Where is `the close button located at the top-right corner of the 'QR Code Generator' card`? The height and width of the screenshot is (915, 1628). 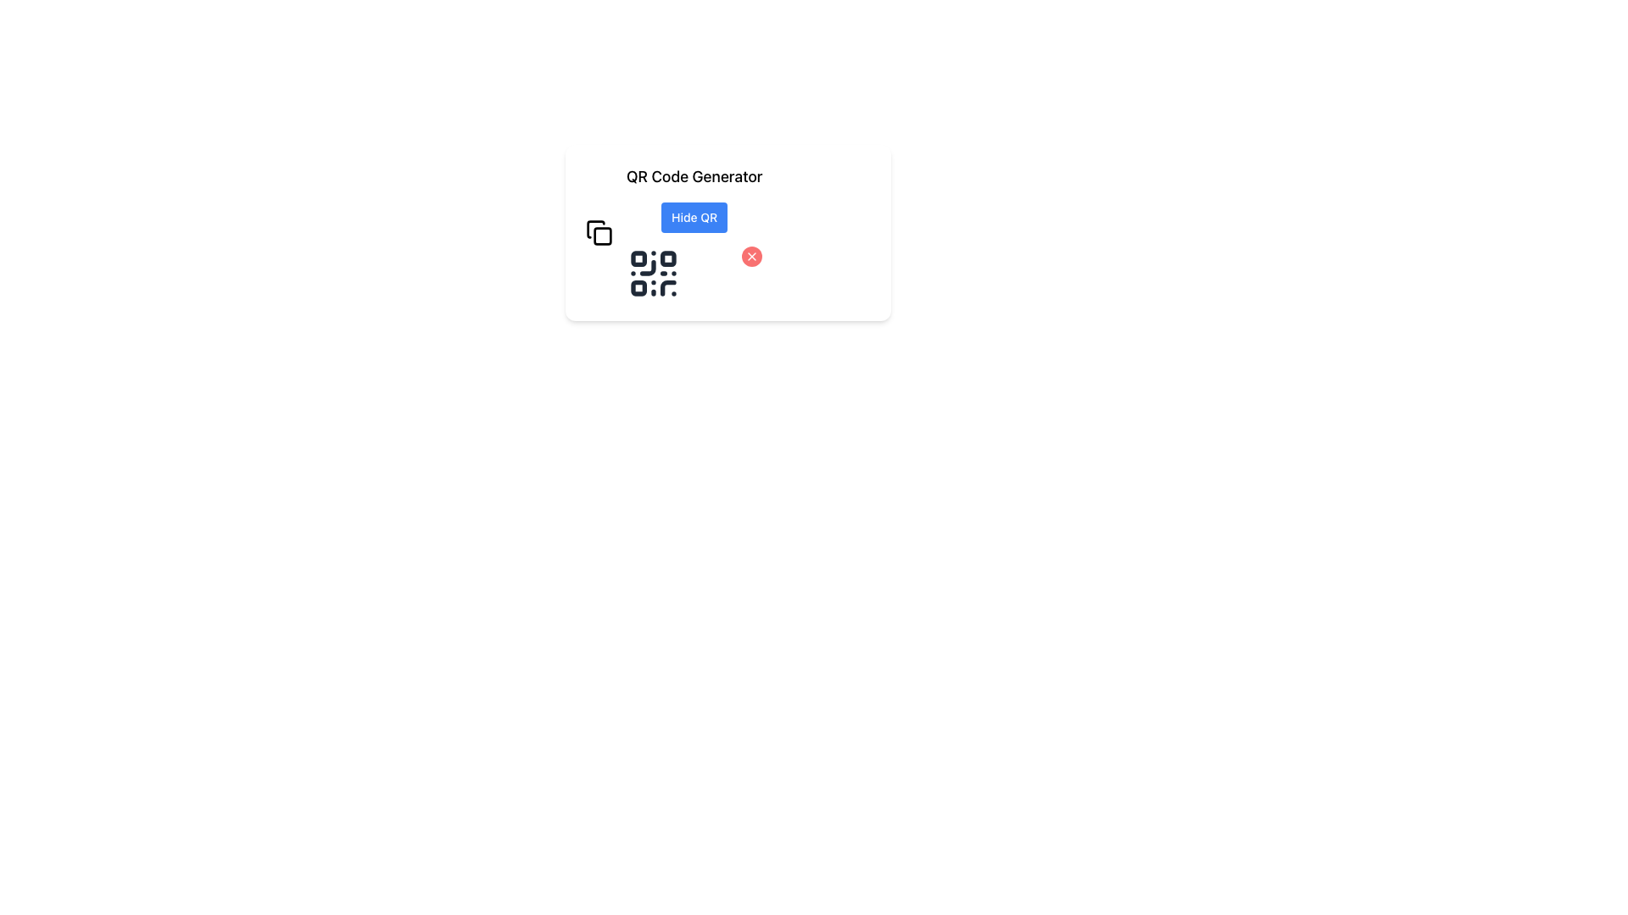 the close button located at the top-right corner of the 'QR Code Generator' card is located at coordinates (751, 257).